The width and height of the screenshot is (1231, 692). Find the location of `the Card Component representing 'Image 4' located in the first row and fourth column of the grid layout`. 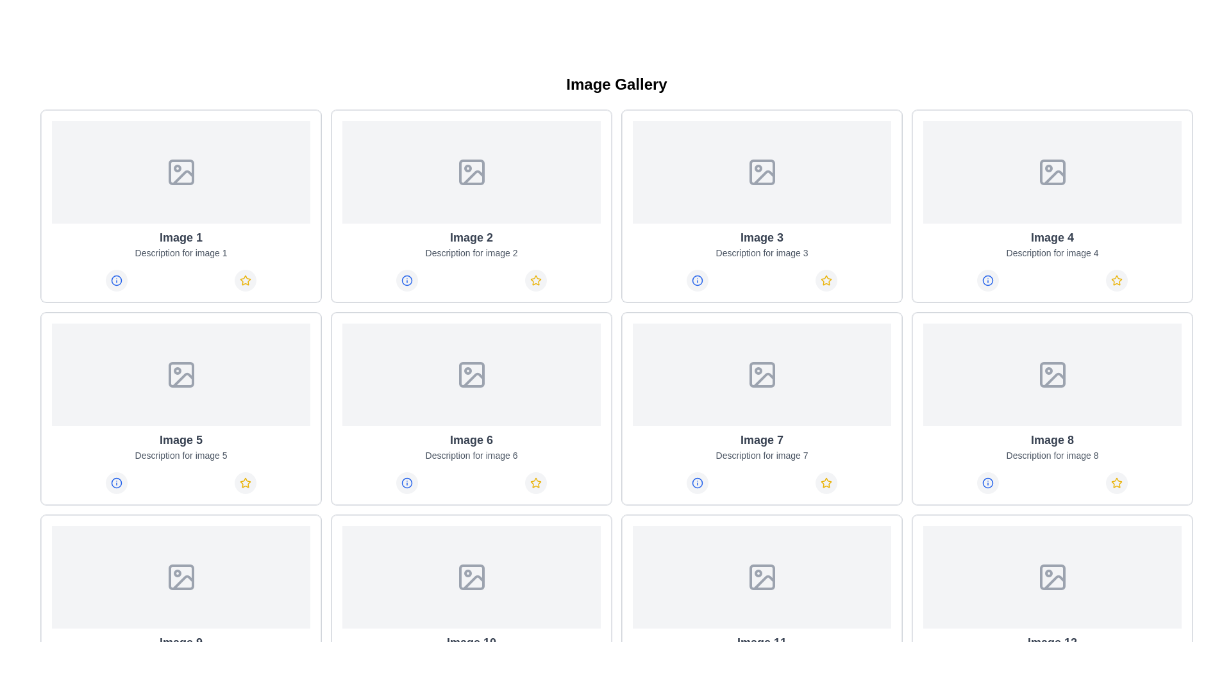

the Card Component representing 'Image 4' located in the first row and fourth column of the grid layout is located at coordinates (1052, 205).